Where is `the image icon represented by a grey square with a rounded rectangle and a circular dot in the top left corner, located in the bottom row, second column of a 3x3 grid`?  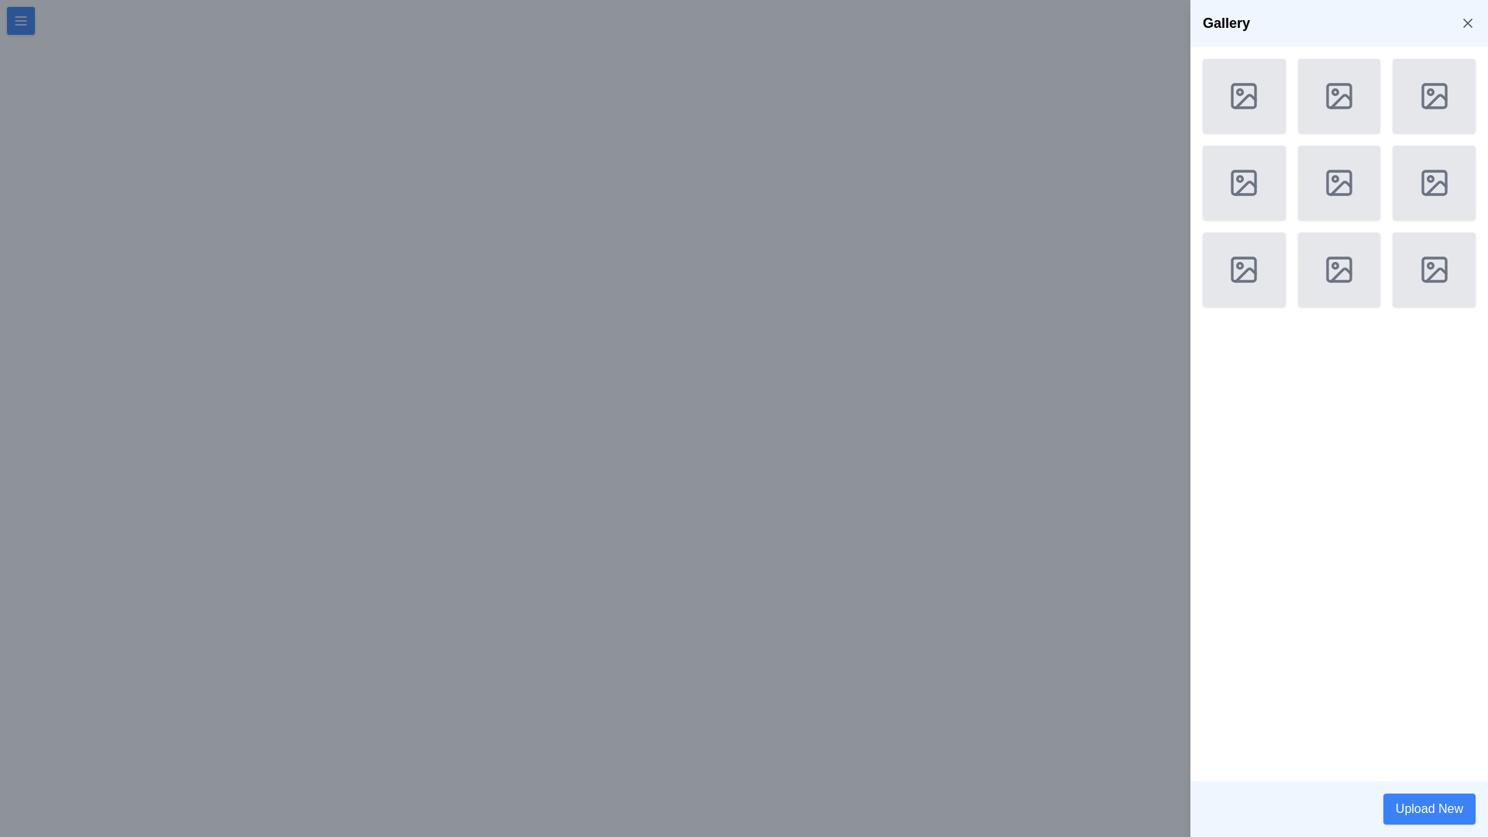 the image icon represented by a grey square with a rounded rectangle and a circular dot in the top left corner, located in the bottom row, second column of a 3x3 grid is located at coordinates (1244, 268).